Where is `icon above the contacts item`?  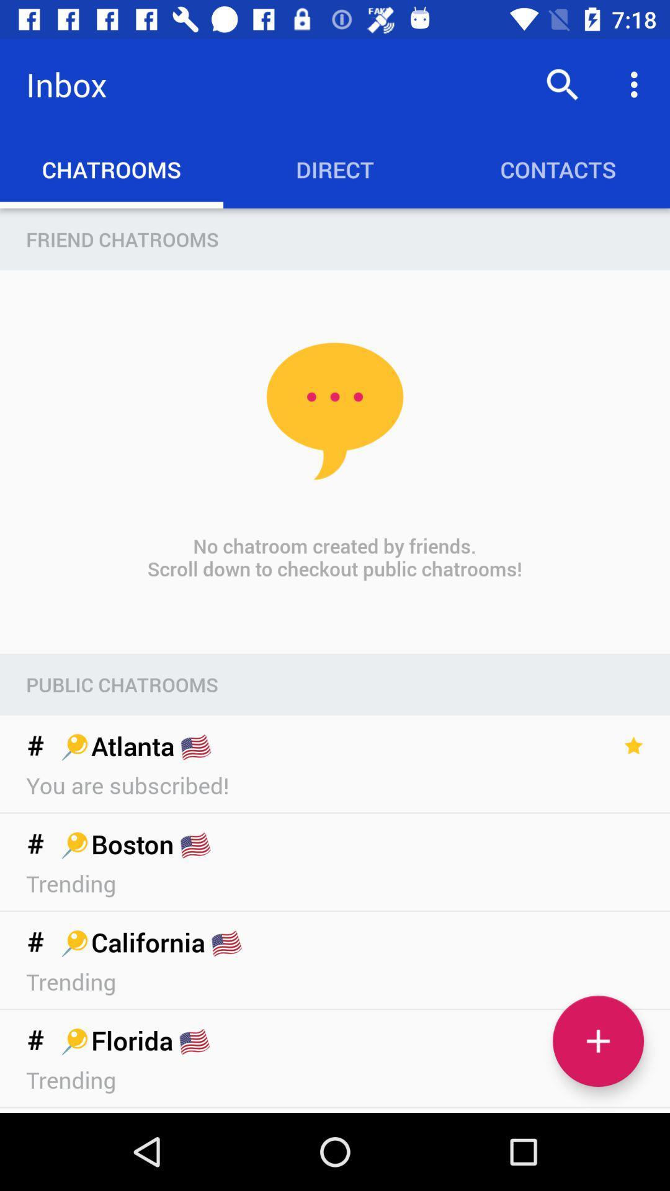 icon above the contacts item is located at coordinates (637, 84).